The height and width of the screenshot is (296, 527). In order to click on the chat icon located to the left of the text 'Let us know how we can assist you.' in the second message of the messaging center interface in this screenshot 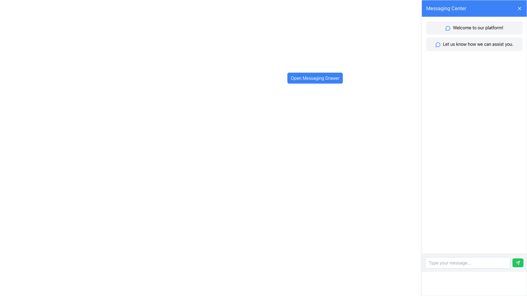, I will do `click(438, 44)`.